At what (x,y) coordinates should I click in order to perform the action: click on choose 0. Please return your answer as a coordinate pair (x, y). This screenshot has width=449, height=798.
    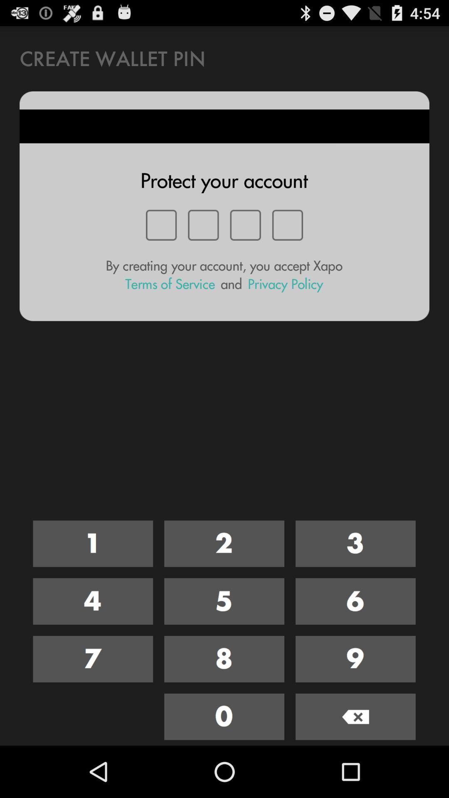
    Looking at the image, I should click on (224, 716).